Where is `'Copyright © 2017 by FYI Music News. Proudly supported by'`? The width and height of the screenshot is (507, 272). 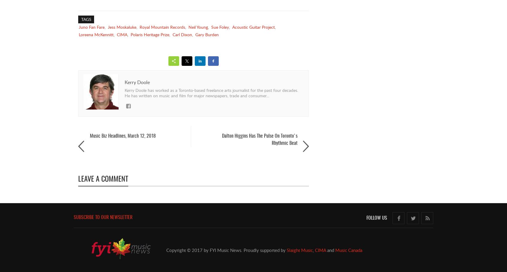 'Copyright © 2017 by FYI Music News. Proudly supported by' is located at coordinates (226, 250).